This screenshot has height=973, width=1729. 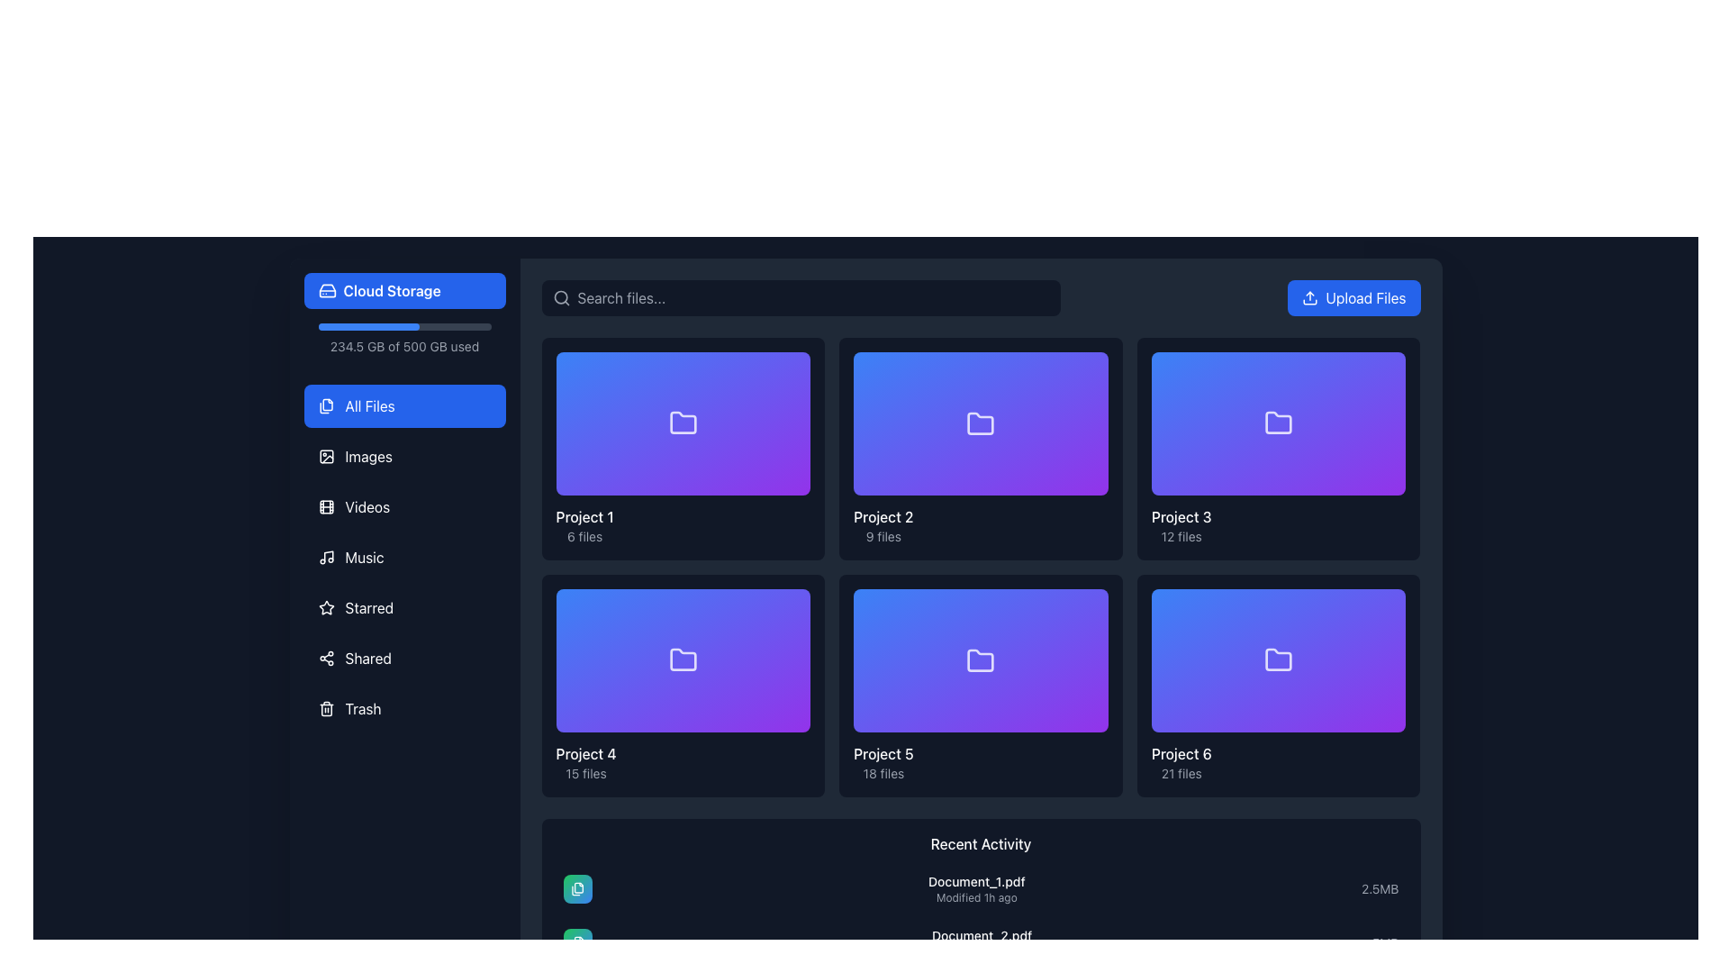 What do you see at coordinates (403, 290) in the screenshot?
I see `the rectangular blue button labeled 'Cloud Storage' with a hard drive icon on the left, positioned at the top of the left panel to elicit a hover effect` at bounding box center [403, 290].